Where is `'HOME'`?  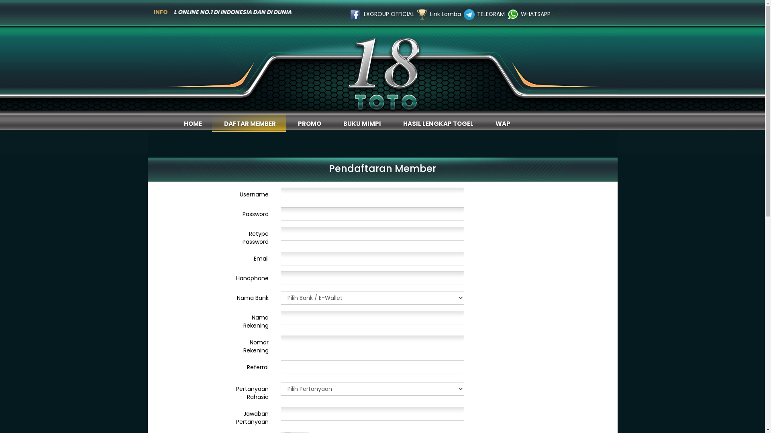
'HOME' is located at coordinates (192, 123).